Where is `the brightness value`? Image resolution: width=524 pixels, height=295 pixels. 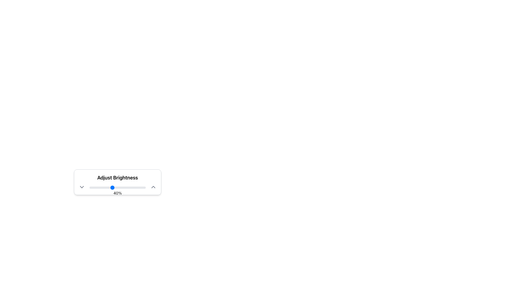 the brightness value is located at coordinates (127, 187).